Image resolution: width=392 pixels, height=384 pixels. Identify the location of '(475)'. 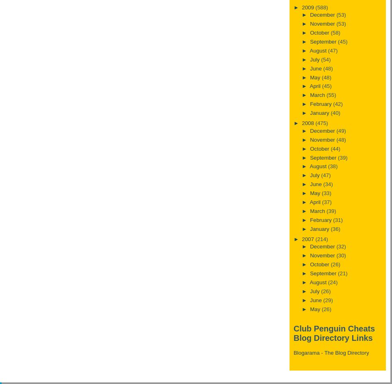
(321, 123).